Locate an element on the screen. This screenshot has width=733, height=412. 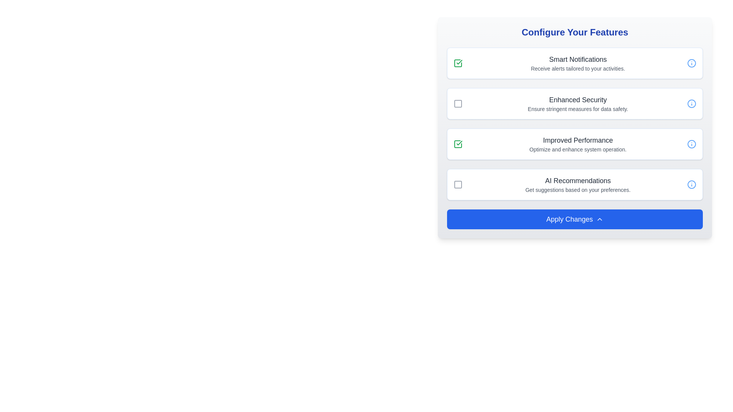
the circular SVG element that is part of the 'info' icon, located to the right of the 'Improved Performance' feature label within the 'Configure Your Features' card layout is located at coordinates (691, 144).